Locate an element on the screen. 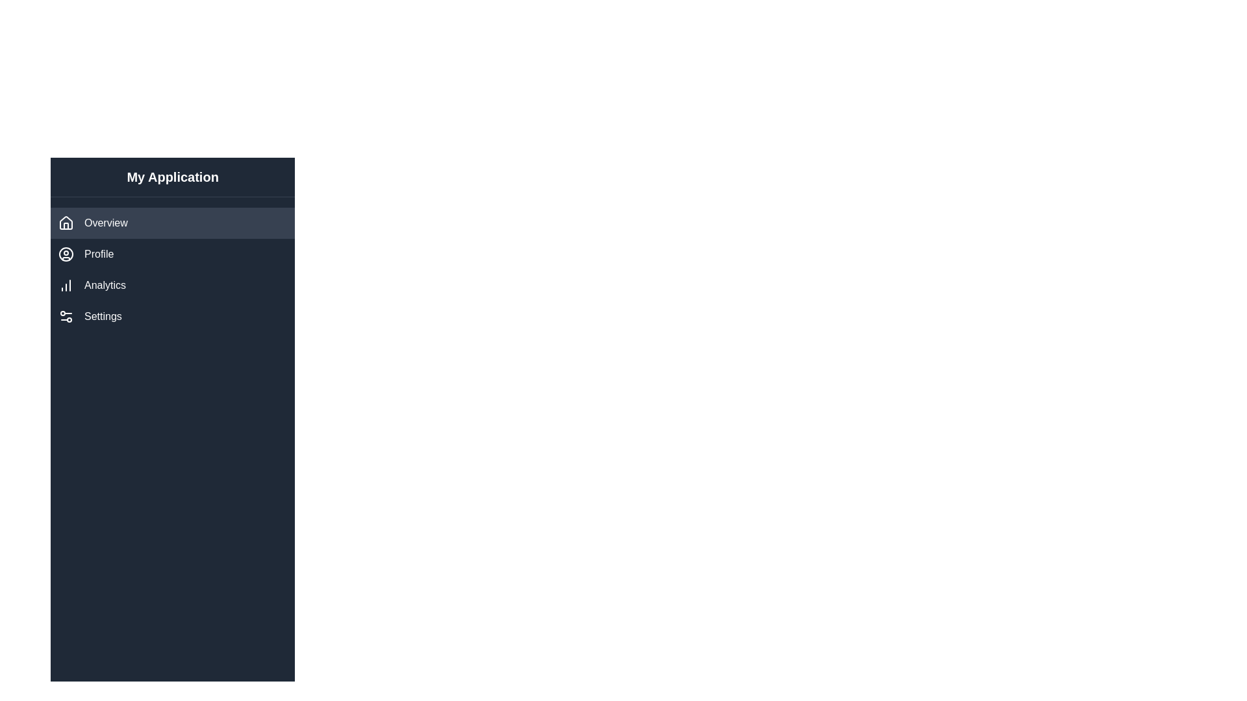  the third menu item under 'My Application' is located at coordinates (172, 284).